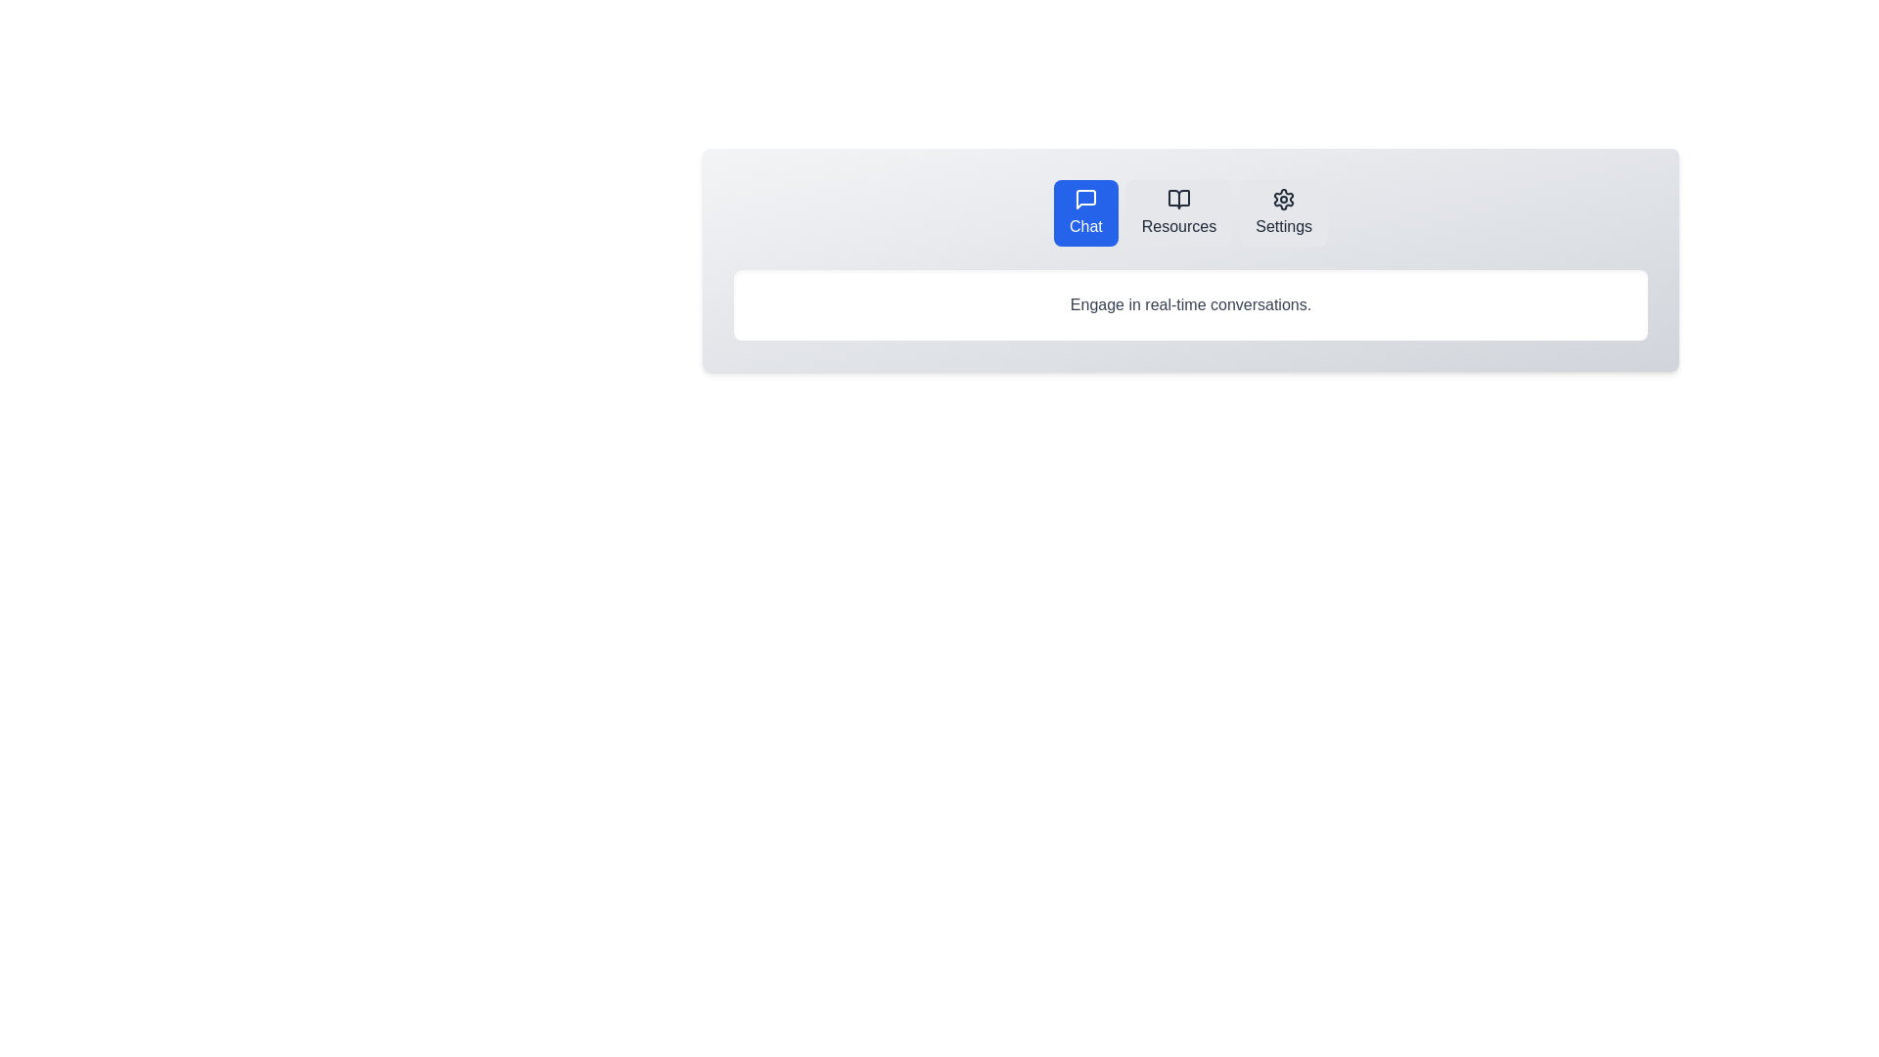 The image size is (1879, 1057). I want to click on the 'Resources' icon located in the horizontal navigation bar, which is the second option between 'Chat' and 'Settings', so click(1177, 200).